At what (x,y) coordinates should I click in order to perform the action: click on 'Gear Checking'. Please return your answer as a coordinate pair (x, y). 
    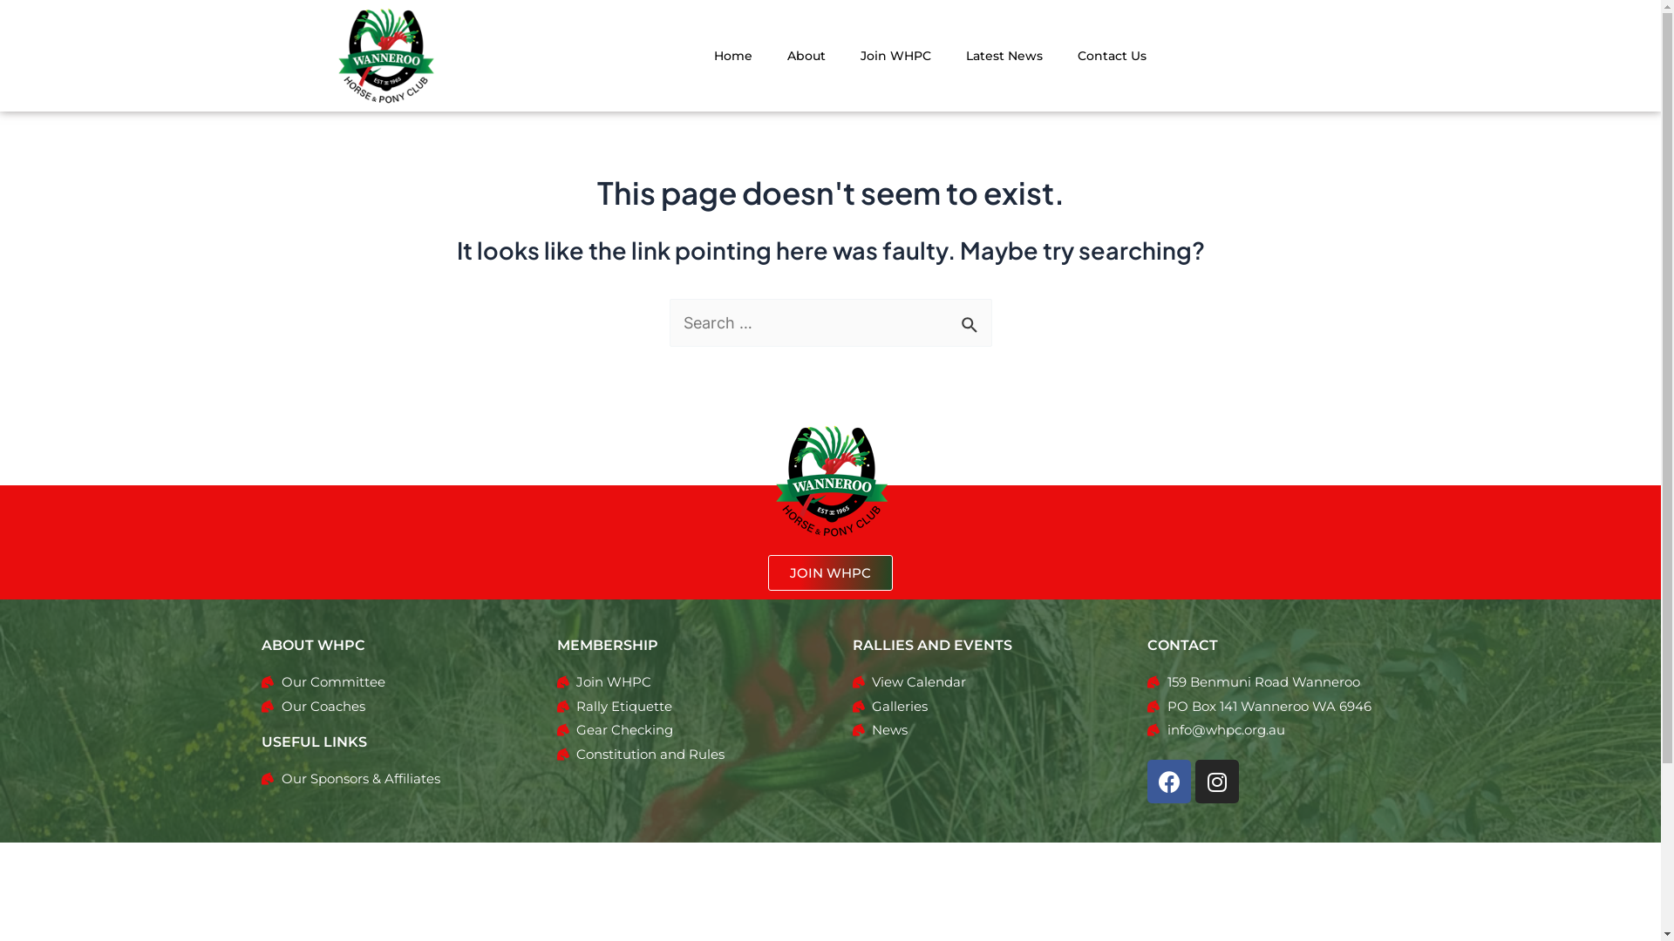
    Looking at the image, I should click on (682, 729).